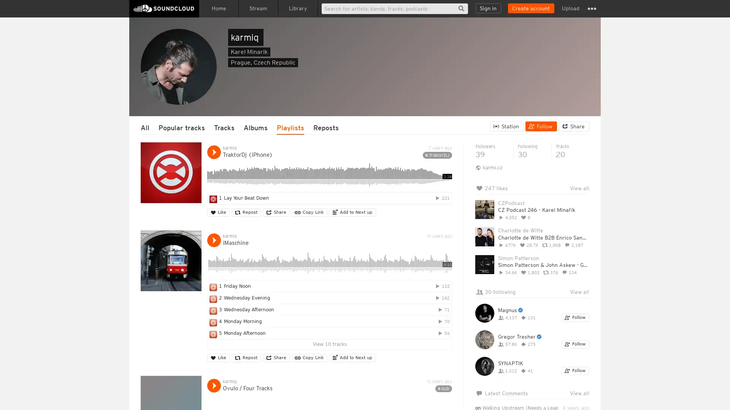 The height and width of the screenshot is (410, 730). I want to click on Copy Link, so click(309, 358).